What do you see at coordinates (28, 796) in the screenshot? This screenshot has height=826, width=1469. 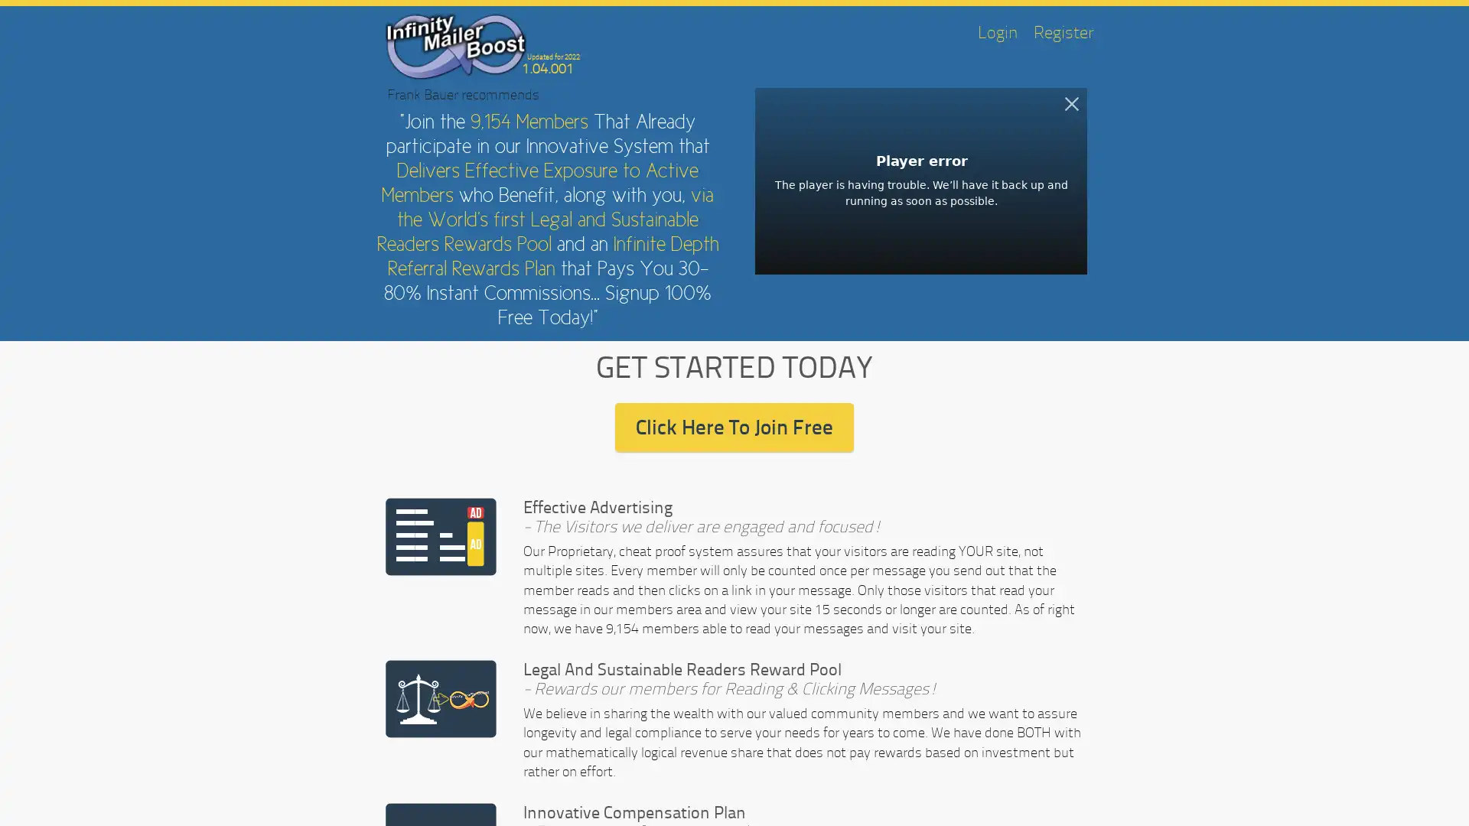 I see `Open Accessibility Panel` at bounding box center [28, 796].